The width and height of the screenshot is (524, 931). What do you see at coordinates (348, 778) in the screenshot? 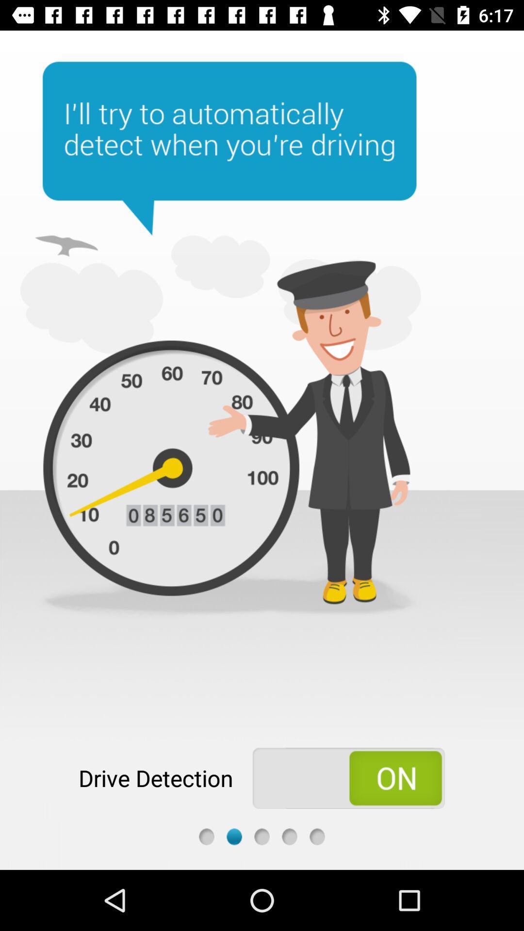
I see `drive detection` at bounding box center [348, 778].